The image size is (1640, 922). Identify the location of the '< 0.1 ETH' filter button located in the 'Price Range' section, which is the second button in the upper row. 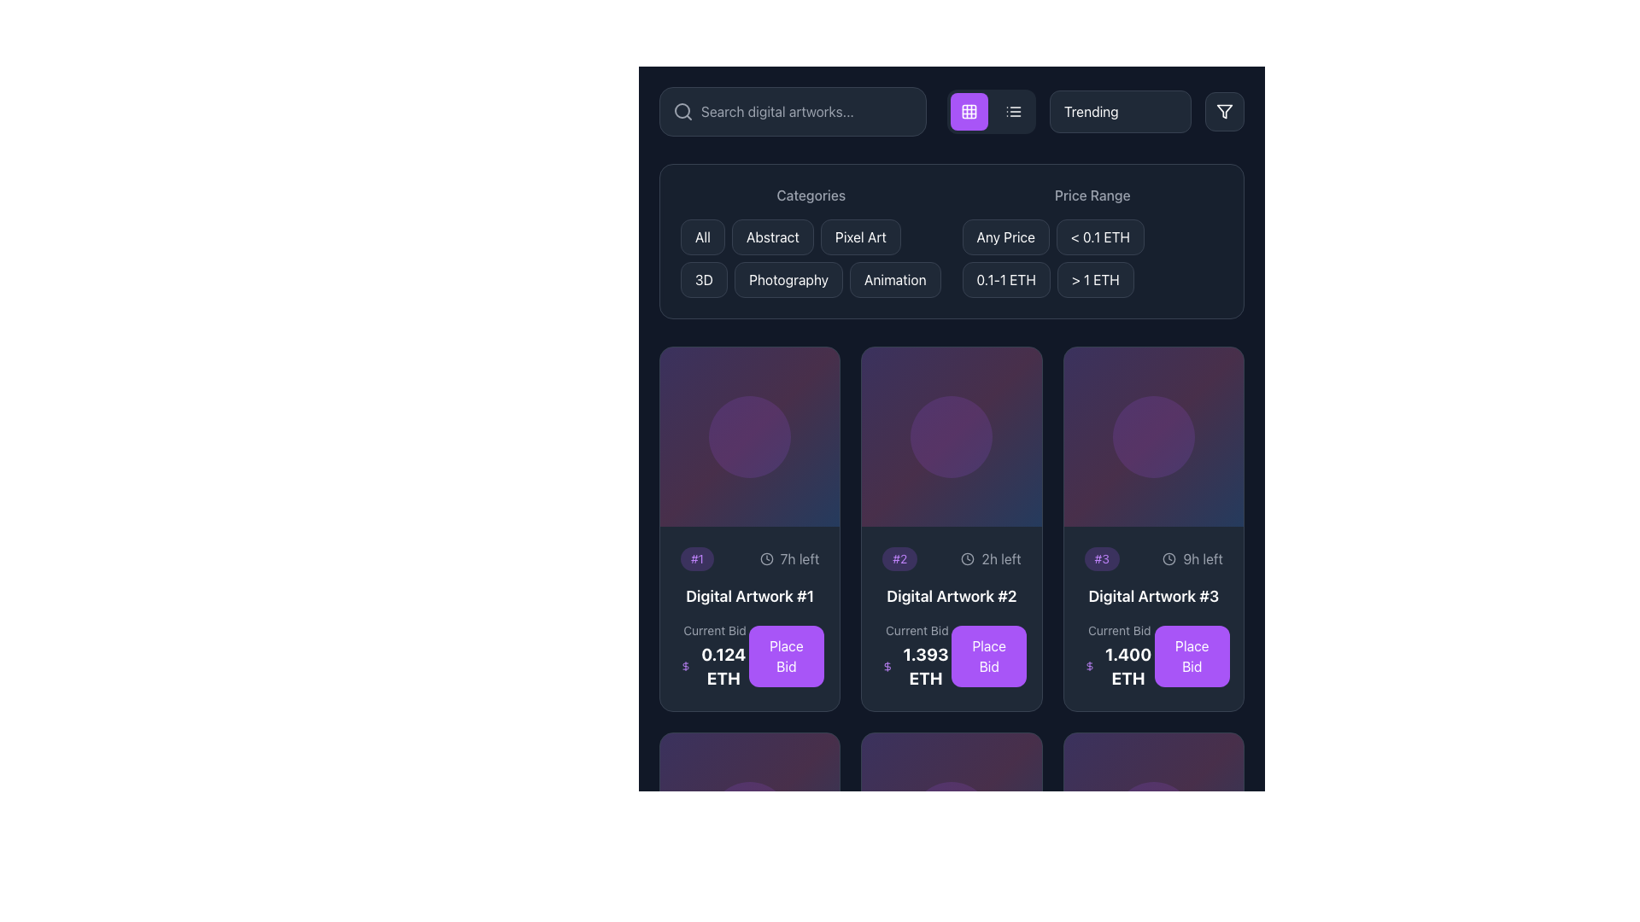
(1092, 241).